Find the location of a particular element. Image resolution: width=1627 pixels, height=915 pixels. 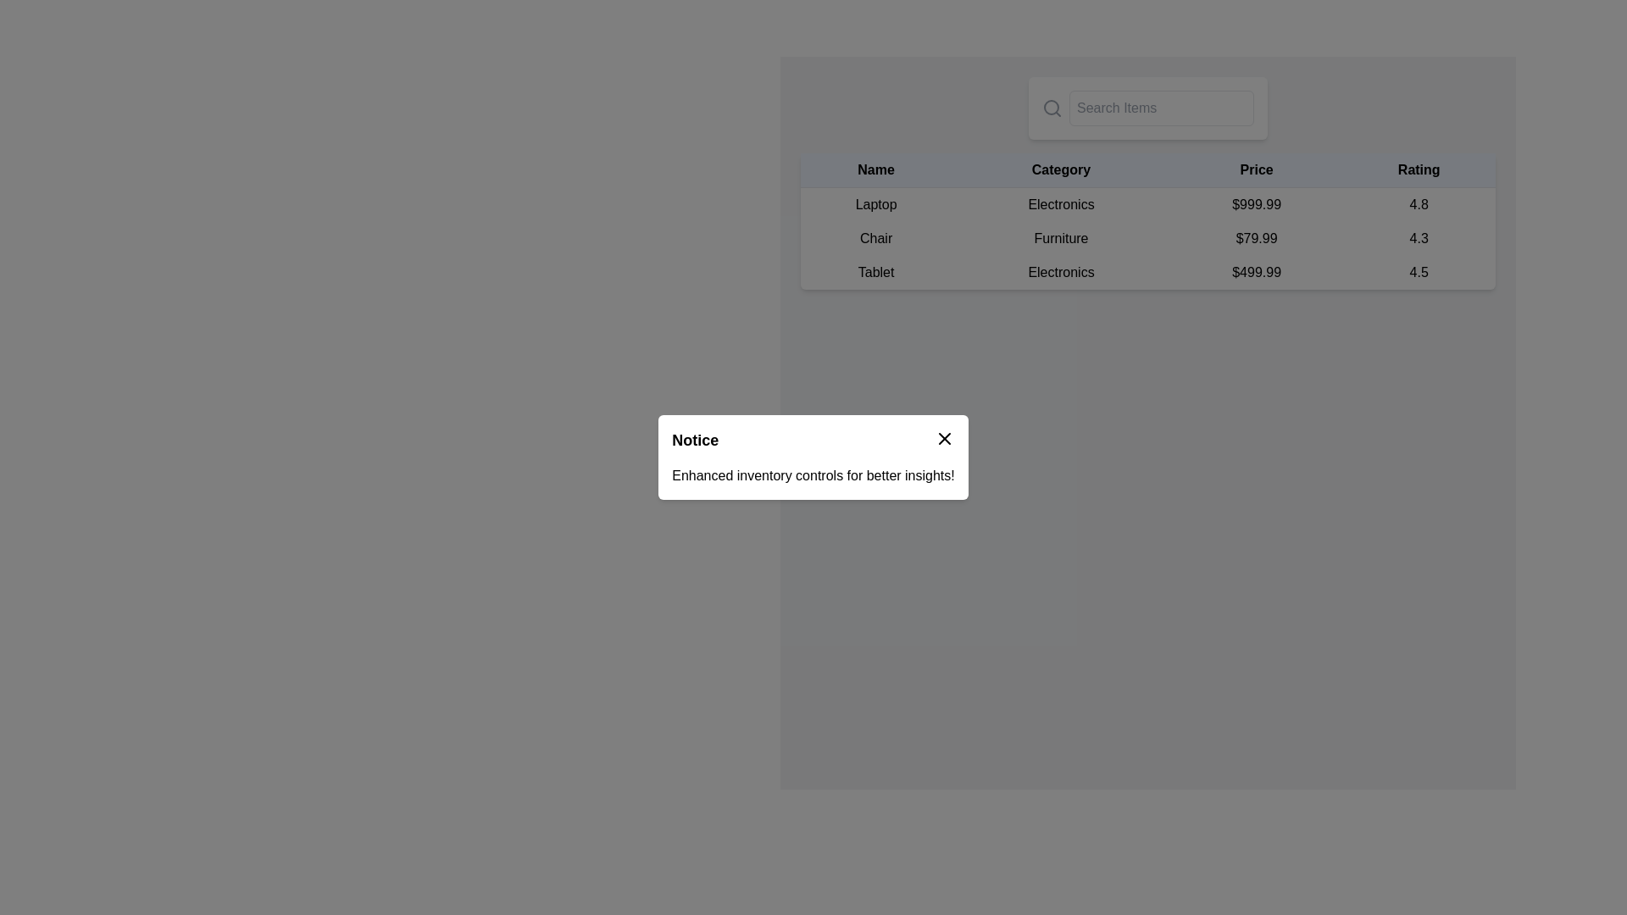

the leftmost Text label in the notification header area that indicates the title of the informational message is located at coordinates (695, 440).